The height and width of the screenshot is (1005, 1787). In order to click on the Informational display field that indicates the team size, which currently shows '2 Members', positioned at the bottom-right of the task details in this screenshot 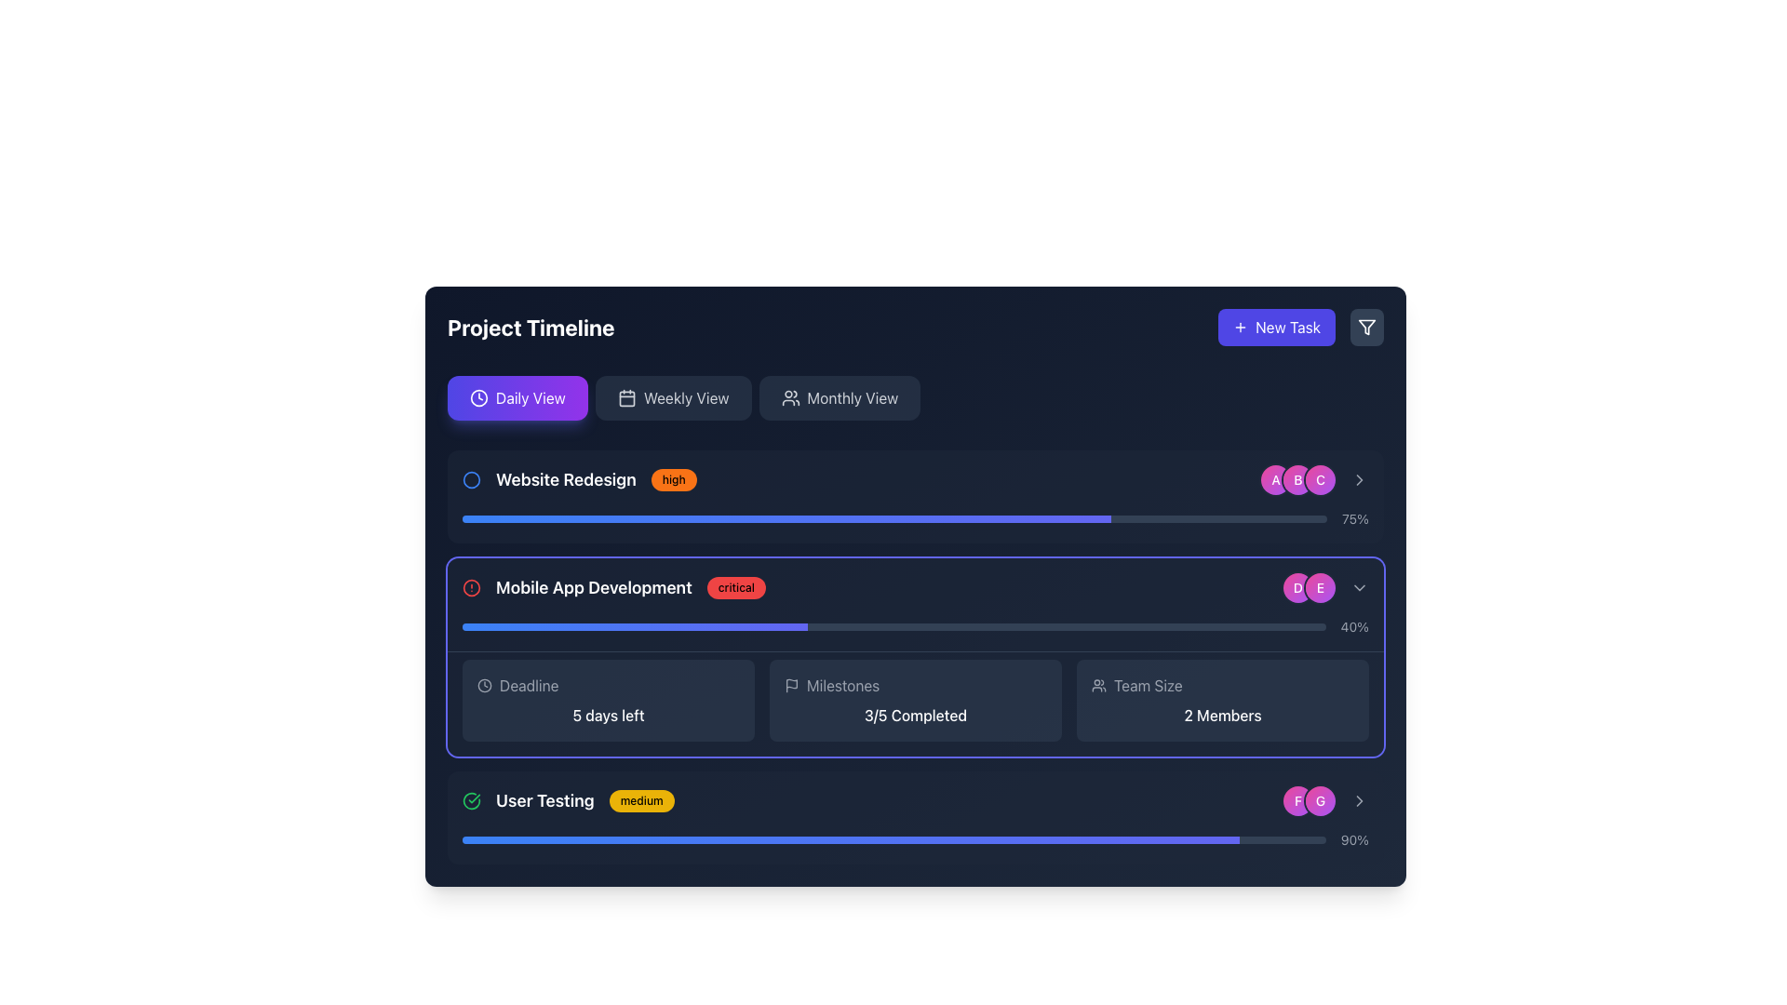, I will do `click(1223, 700)`.